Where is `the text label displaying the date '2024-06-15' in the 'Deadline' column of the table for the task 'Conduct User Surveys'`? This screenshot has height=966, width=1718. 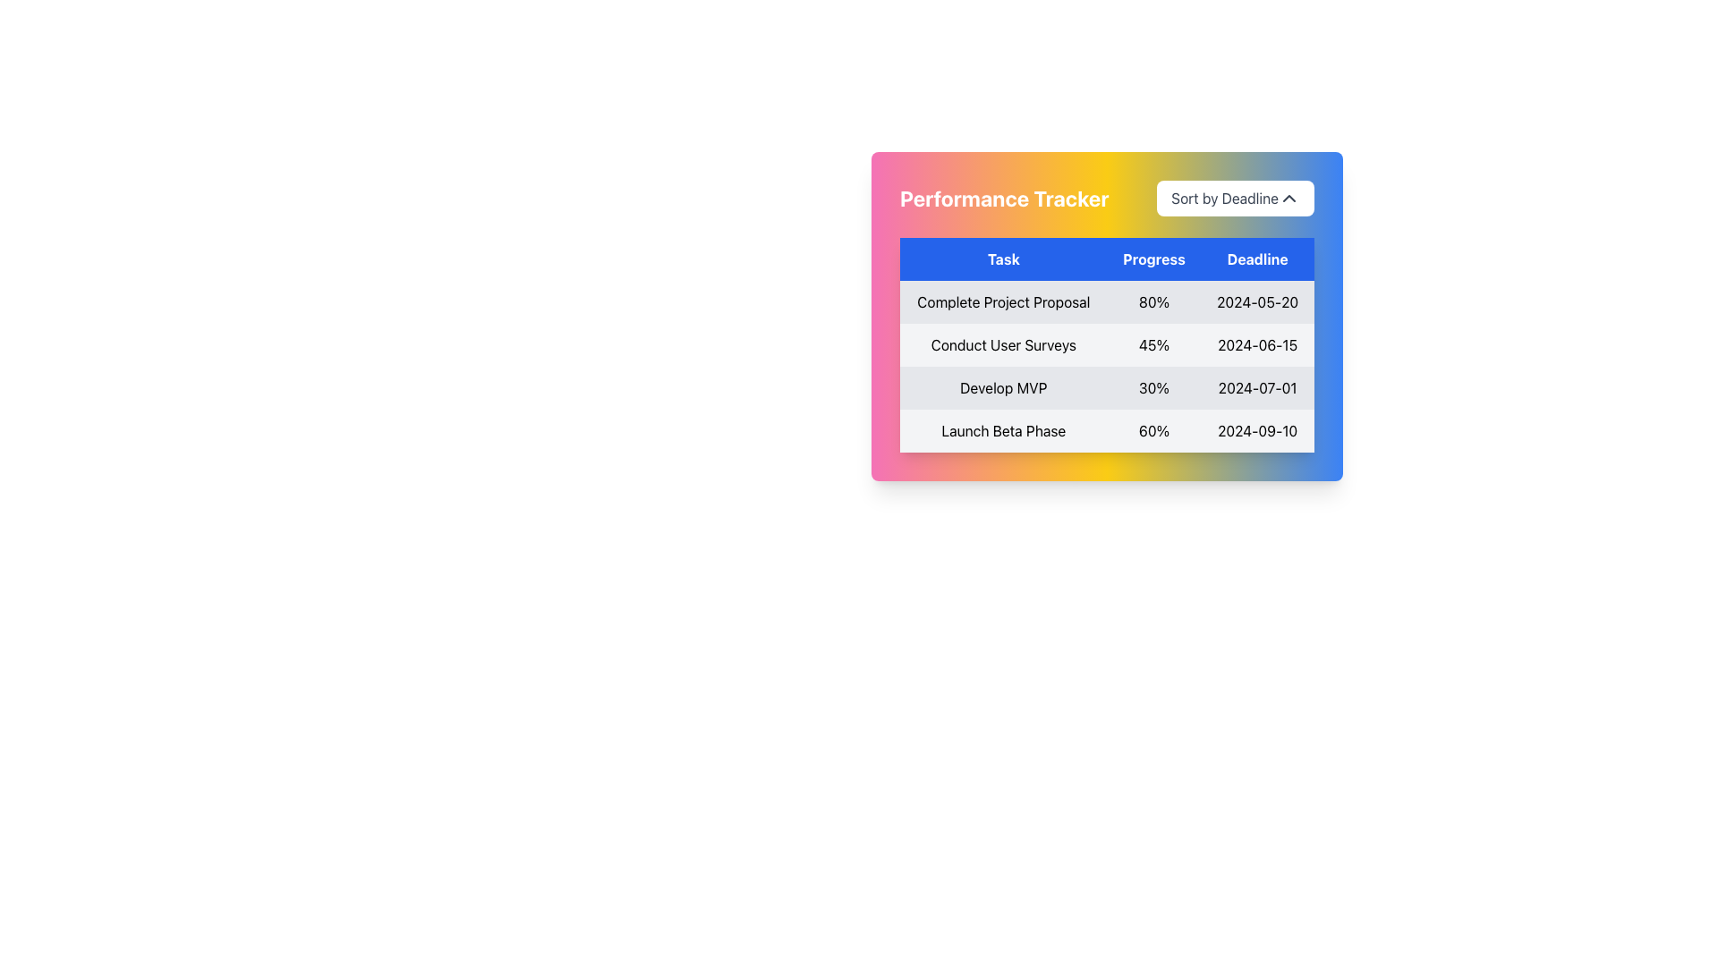 the text label displaying the date '2024-06-15' in the 'Deadline' column of the table for the task 'Conduct User Surveys' is located at coordinates (1256, 344).